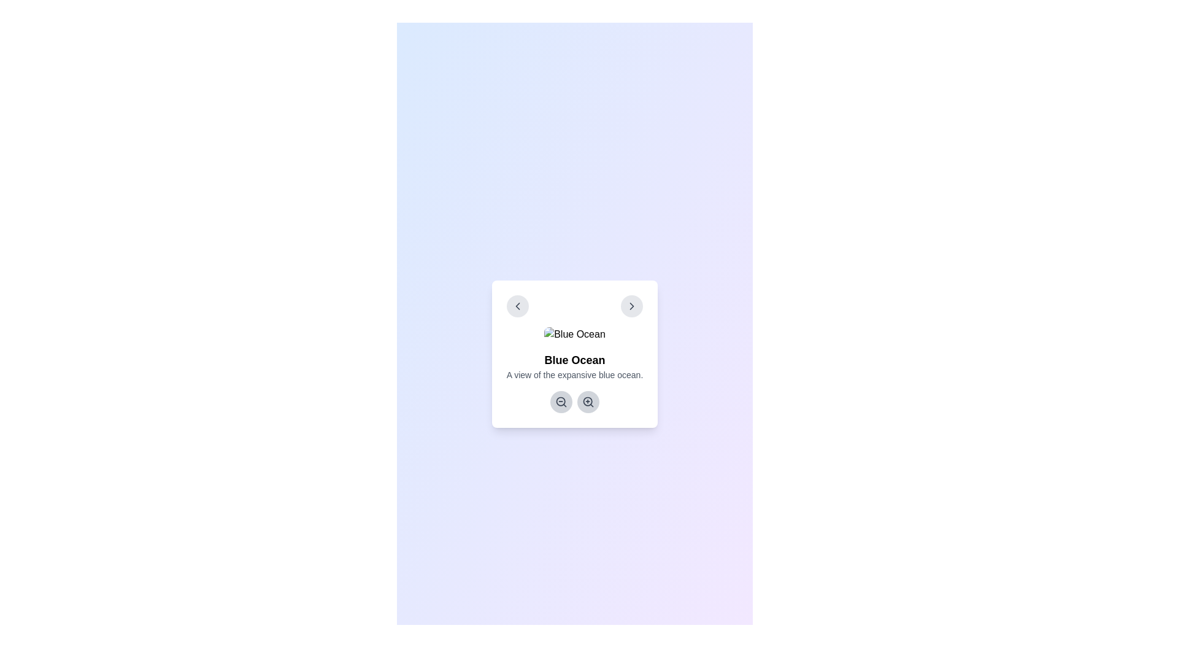  Describe the element at coordinates (517, 305) in the screenshot. I see `the left-pointing arrow button in the top-left corner of the card labeled 'Blue Ocean'` at that location.